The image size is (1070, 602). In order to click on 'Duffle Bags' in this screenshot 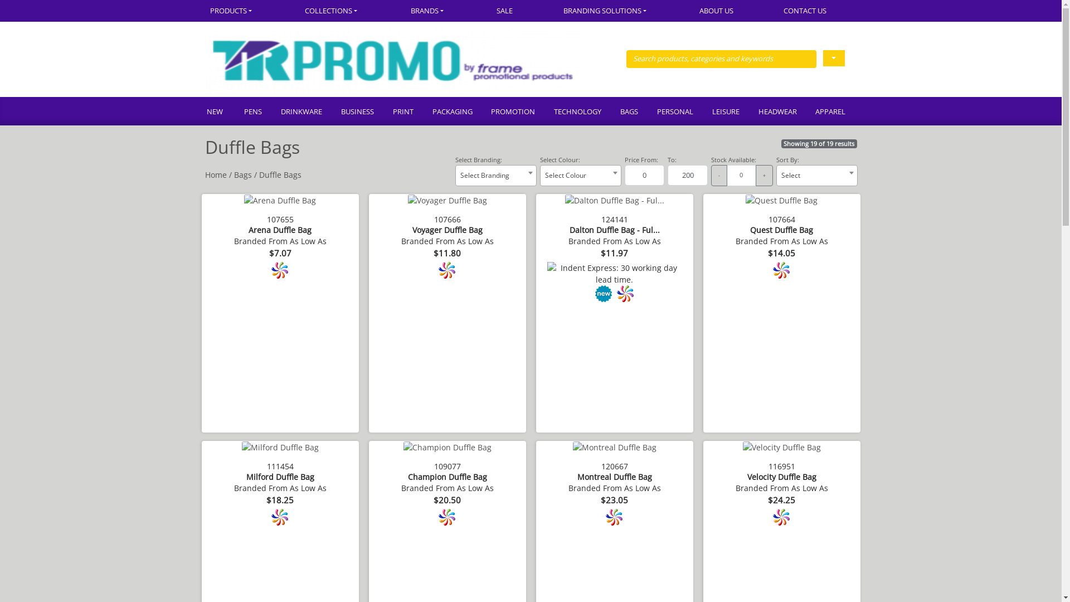, I will do `click(280, 174)`.